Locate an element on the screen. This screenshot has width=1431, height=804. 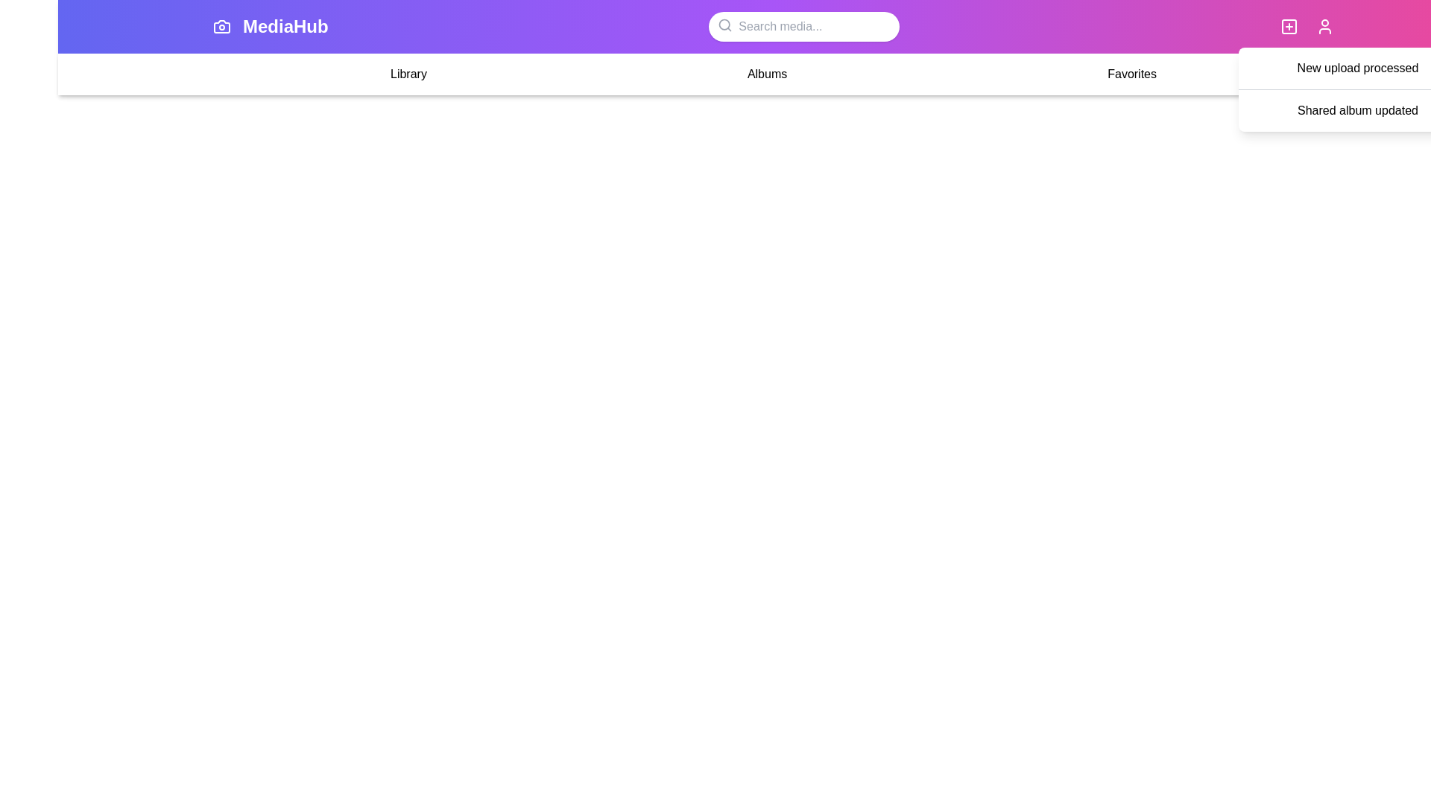
the PlusSquare icon to add new media is located at coordinates (1288, 26).